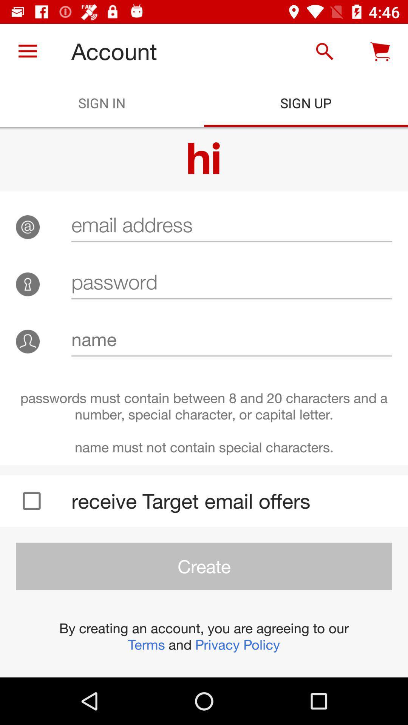 The image size is (408, 725). What do you see at coordinates (27, 51) in the screenshot?
I see `item next to account item` at bounding box center [27, 51].